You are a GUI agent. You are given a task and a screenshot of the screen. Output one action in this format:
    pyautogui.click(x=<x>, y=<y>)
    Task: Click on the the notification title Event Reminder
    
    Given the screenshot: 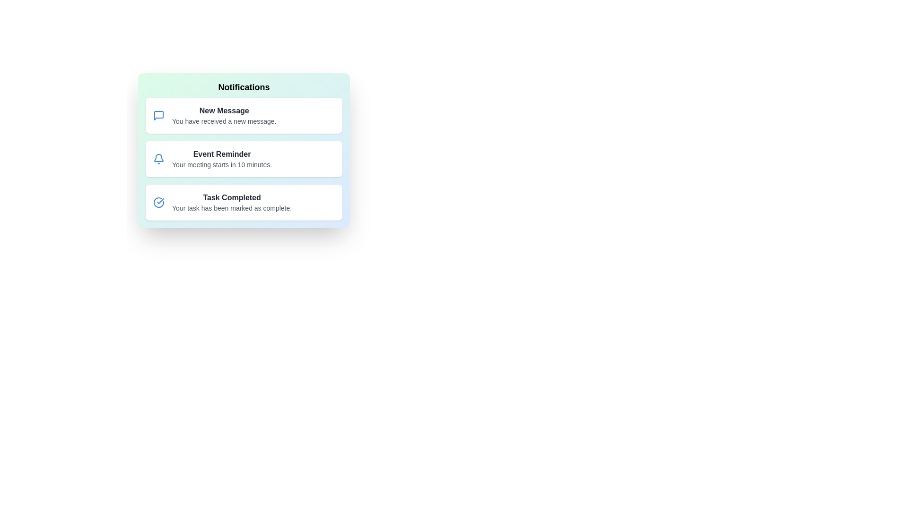 What is the action you would take?
    pyautogui.click(x=221, y=154)
    